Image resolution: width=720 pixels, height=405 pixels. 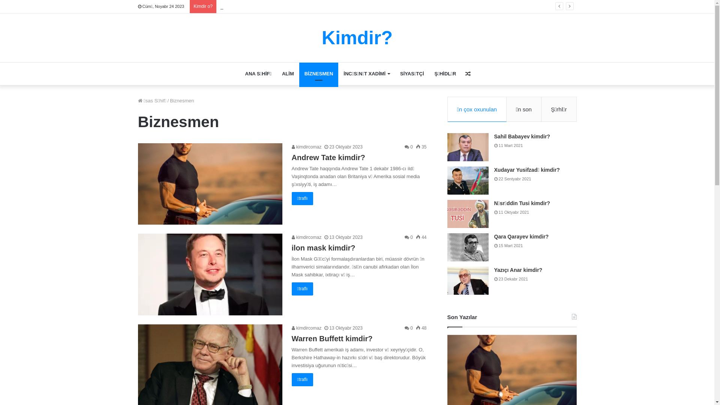 I want to click on 'Qara Qarayev kimdir? 8', so click(x=468, y=247).